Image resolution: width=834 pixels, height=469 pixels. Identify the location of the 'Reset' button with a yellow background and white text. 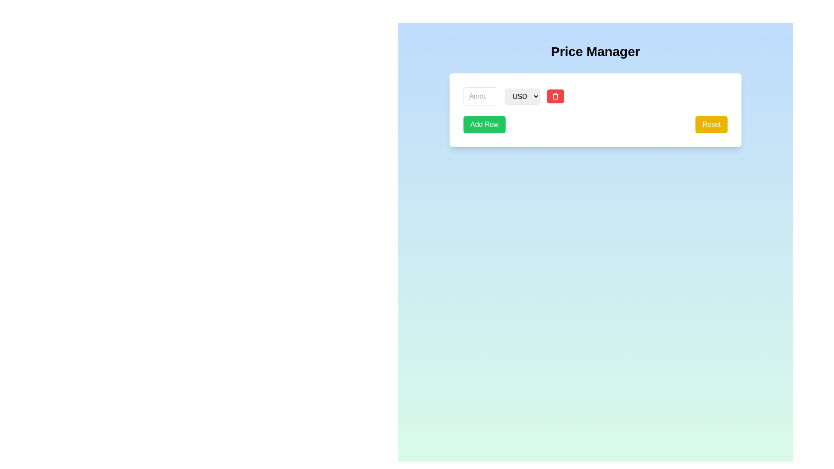
(712, 124).